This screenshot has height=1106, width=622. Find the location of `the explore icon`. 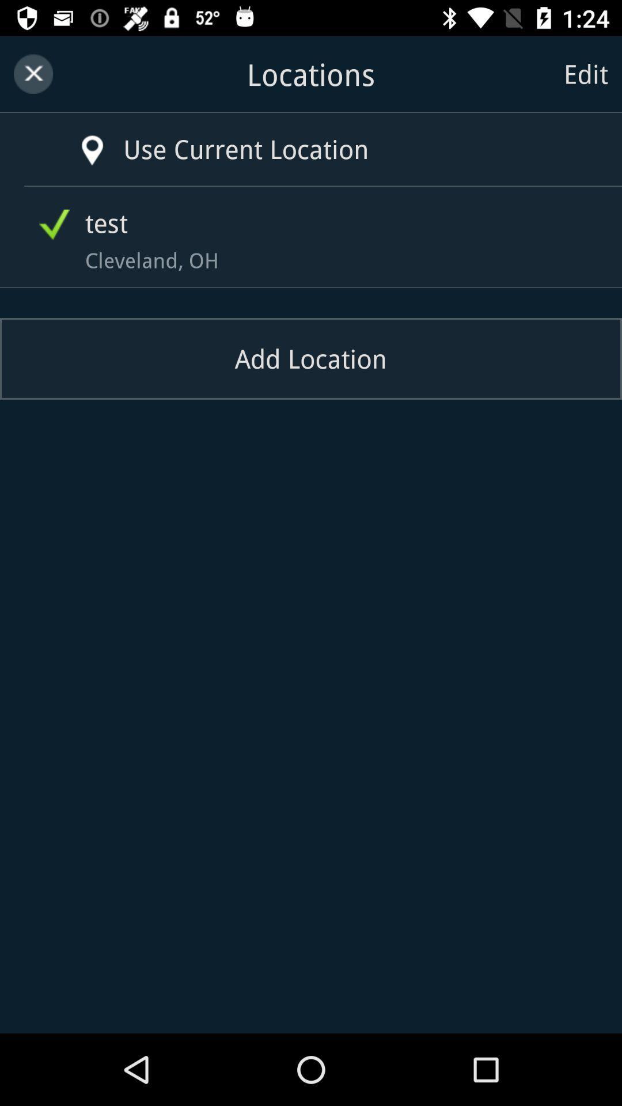

the explore icon is located at coordinates (75, 138).